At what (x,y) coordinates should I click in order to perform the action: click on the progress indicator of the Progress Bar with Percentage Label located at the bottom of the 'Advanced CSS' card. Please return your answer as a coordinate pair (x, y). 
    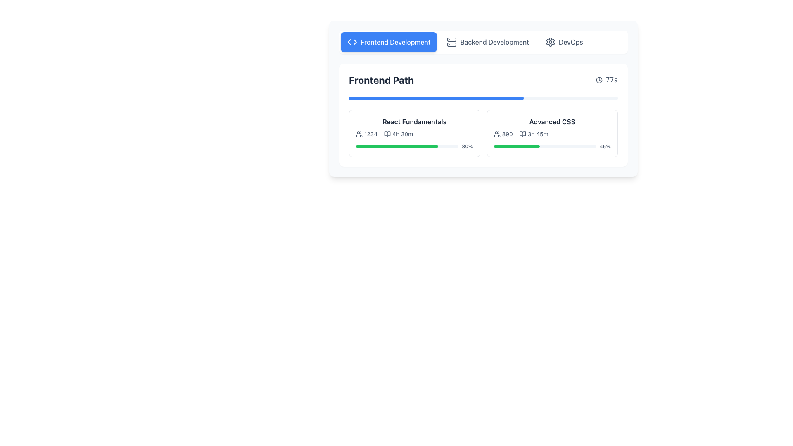
    Looking at the image, I should click on (552, 146).